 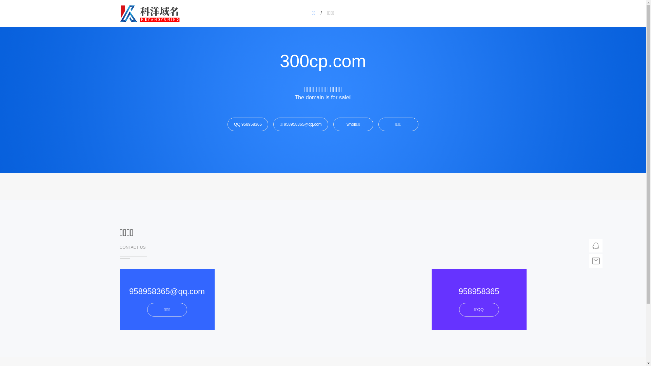 What do you see at coordinates (247, 124) in the screenshot?
I see `'QQ 958958365'` at bounding box center [247, 124].